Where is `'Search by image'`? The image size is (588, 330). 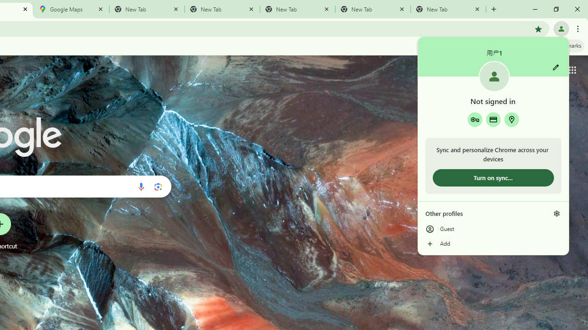 'Search by image' is located at coordinates (158, 186).